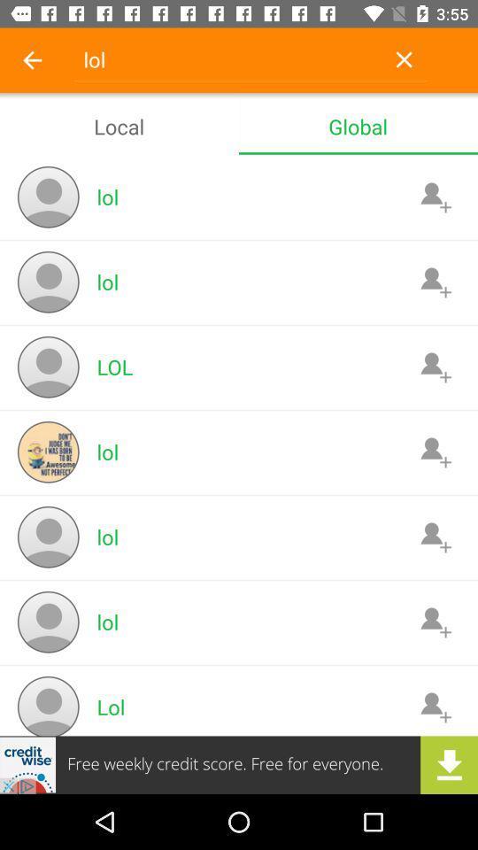 Image resolution: width=478 pixels, height=850 pixels. Describe the element at coordinates (435, 197) in the screenshot. I see `add` at that location.